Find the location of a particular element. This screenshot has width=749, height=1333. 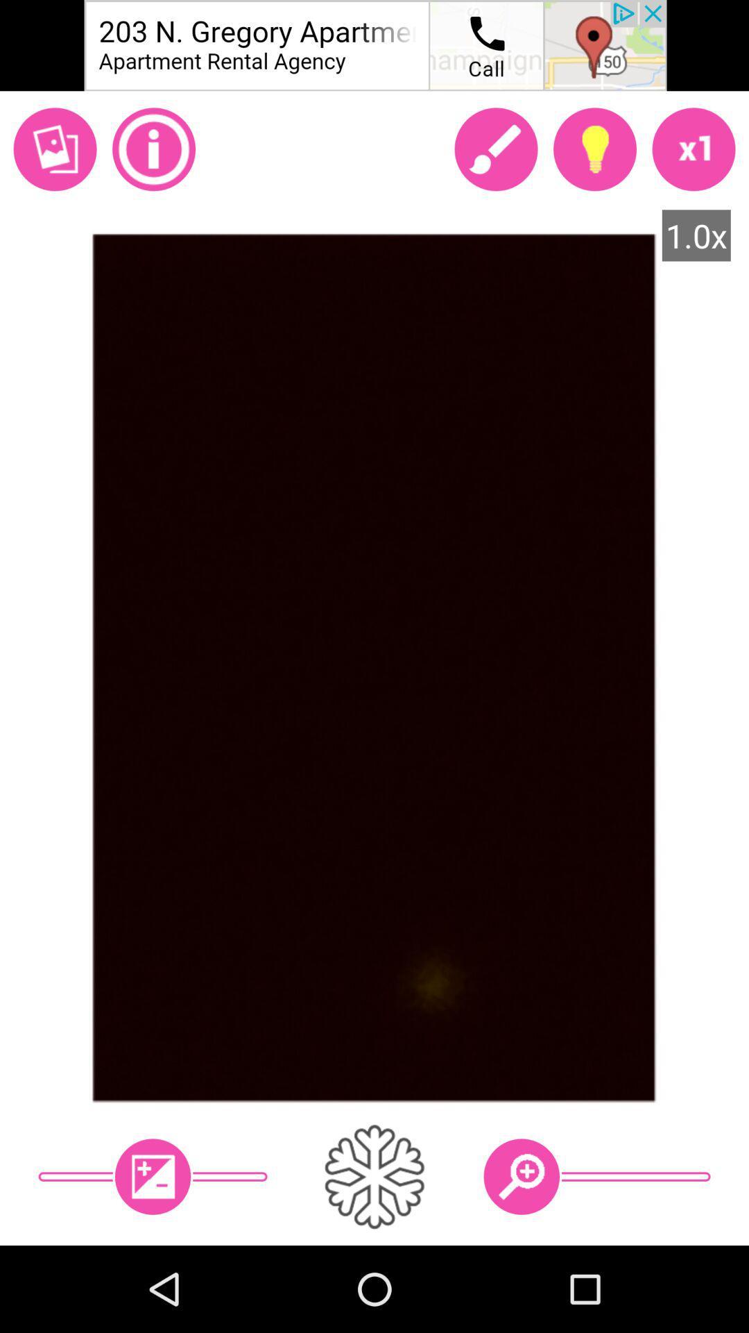

freeze image is located at coordinates (374, 1175).